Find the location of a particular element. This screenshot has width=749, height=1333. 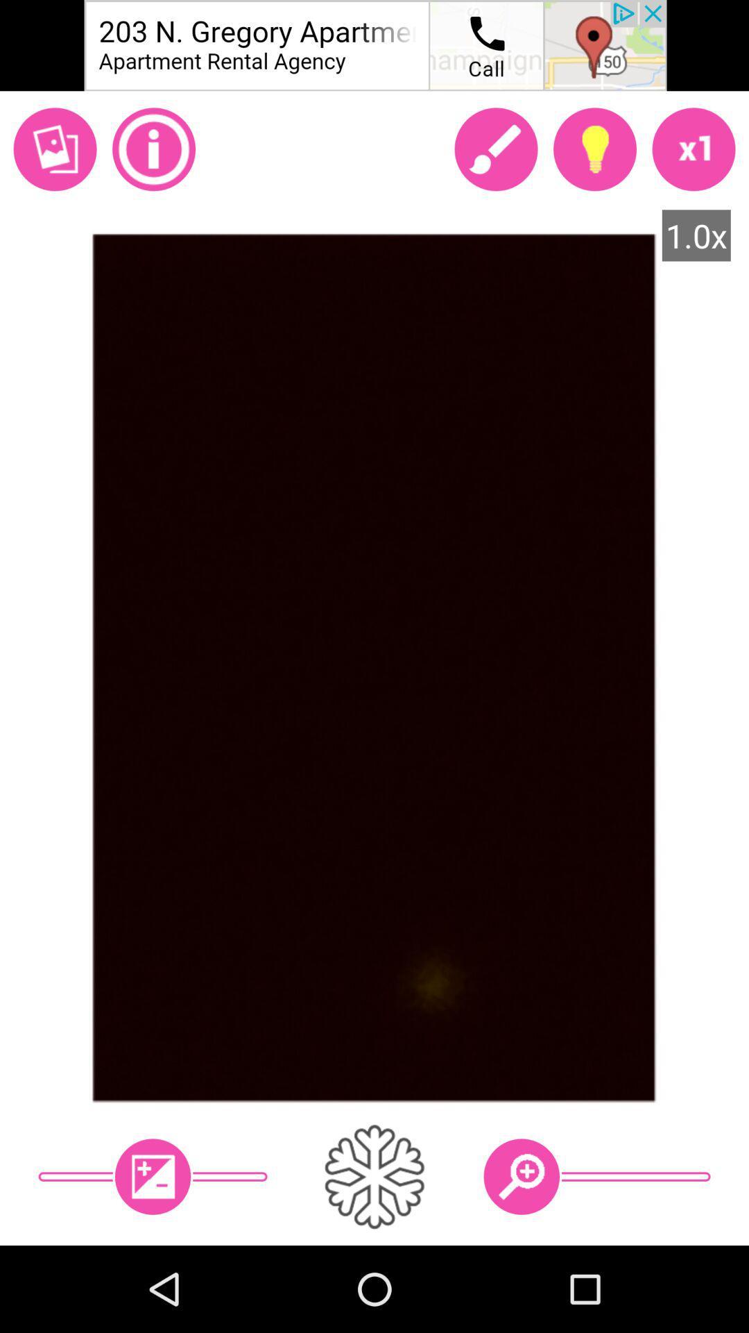

freeze image is located at coordinates (374, 1175).